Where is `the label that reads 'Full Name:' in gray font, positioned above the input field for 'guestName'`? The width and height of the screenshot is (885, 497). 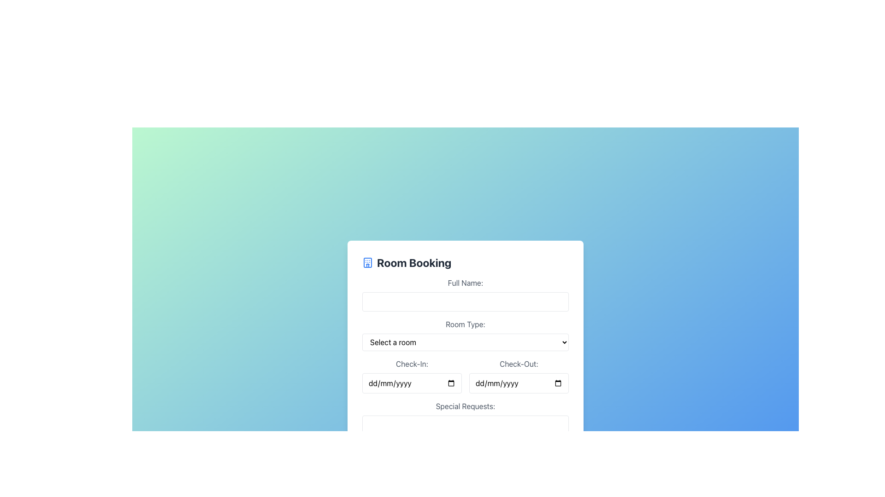
the label that reads 'Full Name:' in gray font, positioned above the input field for 'guestName' is located at coordinates (465, 282).